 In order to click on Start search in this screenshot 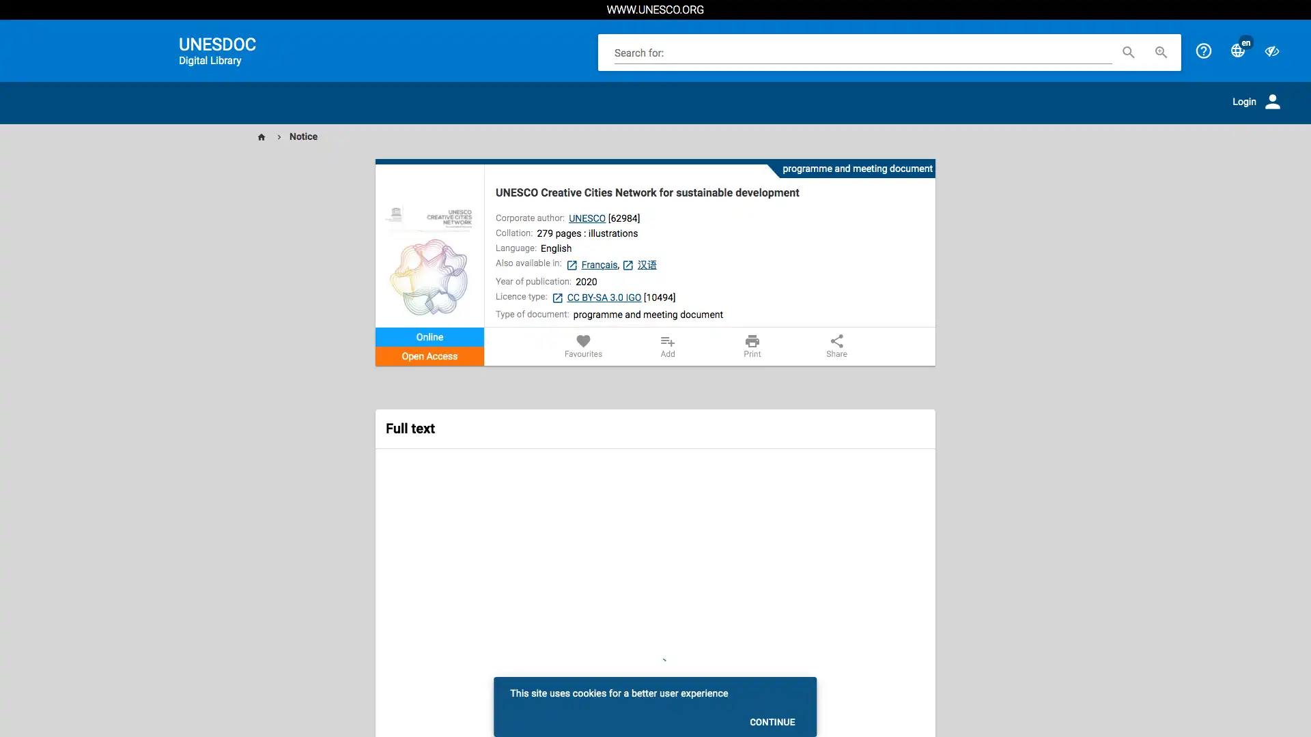, I will do `click(1128, 51)`.